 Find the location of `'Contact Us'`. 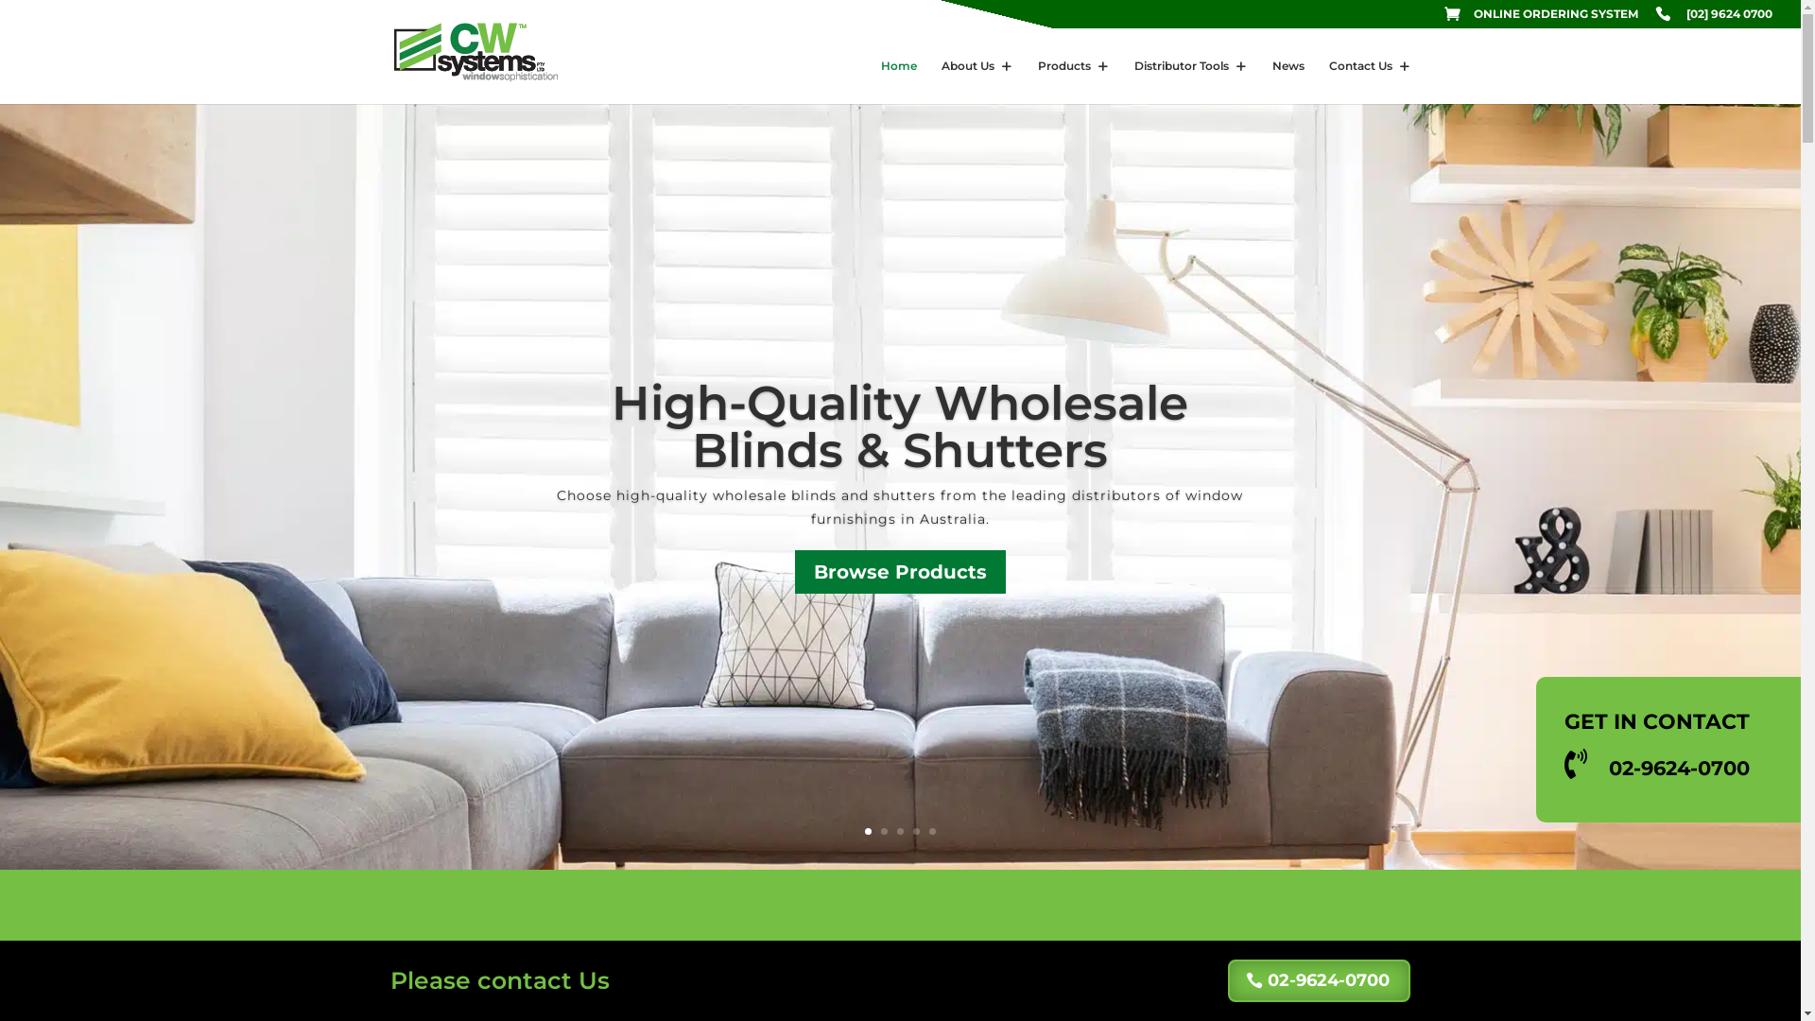

'Contact Us' is located at coordinates (1370, 80).